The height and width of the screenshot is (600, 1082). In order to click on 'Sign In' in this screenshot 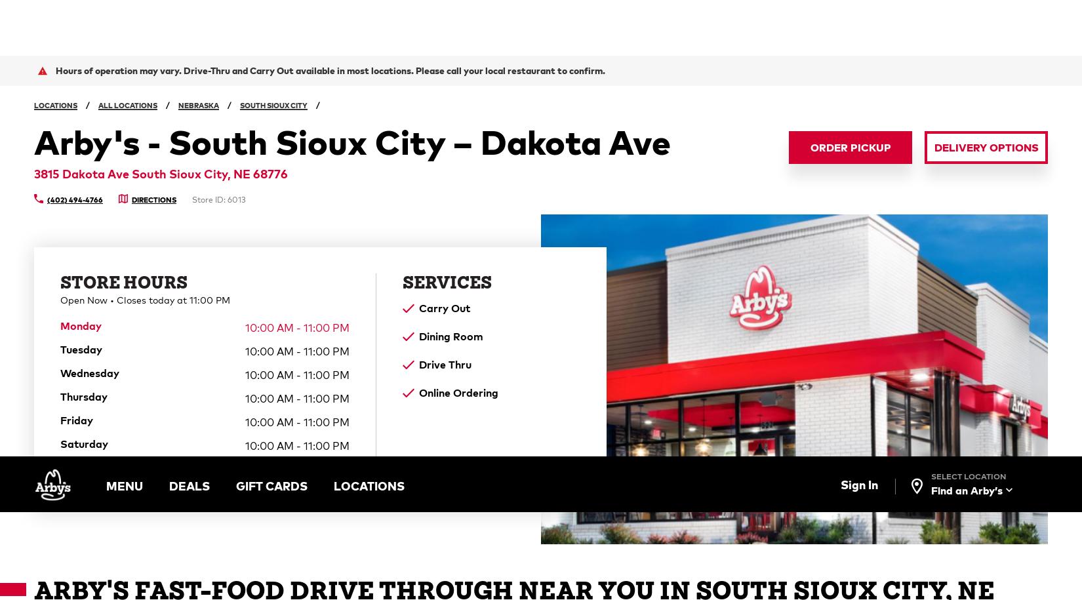, I will do `click(858, 28)`.